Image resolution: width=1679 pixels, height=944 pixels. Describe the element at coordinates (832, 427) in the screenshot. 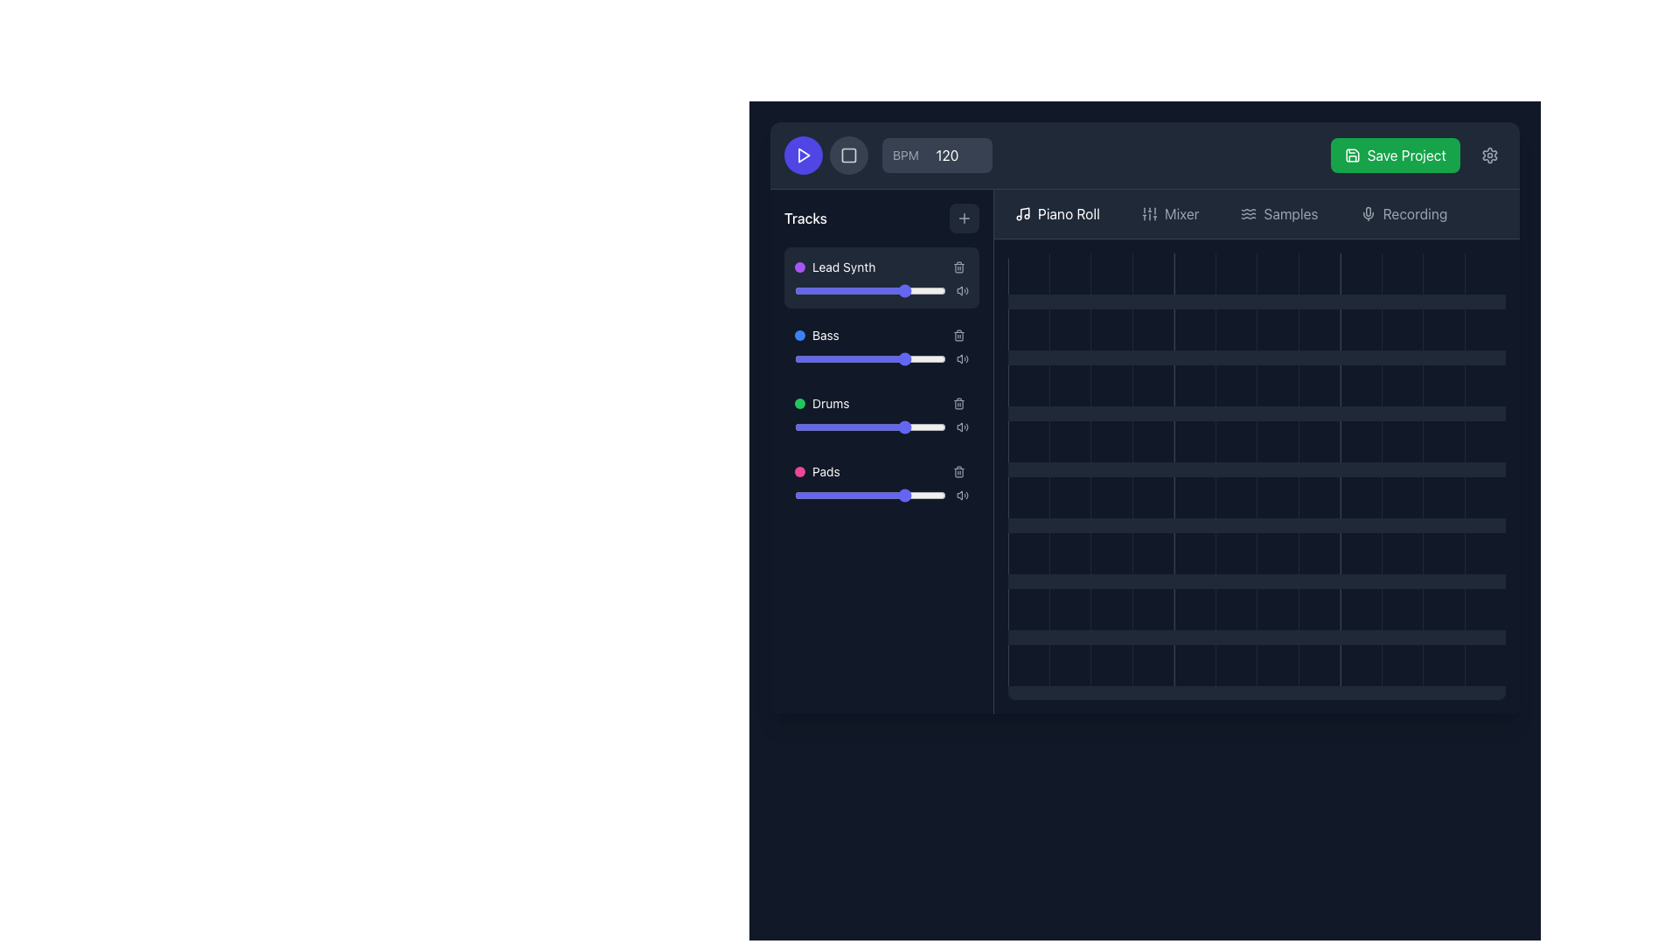

I see `the slider` at that location.